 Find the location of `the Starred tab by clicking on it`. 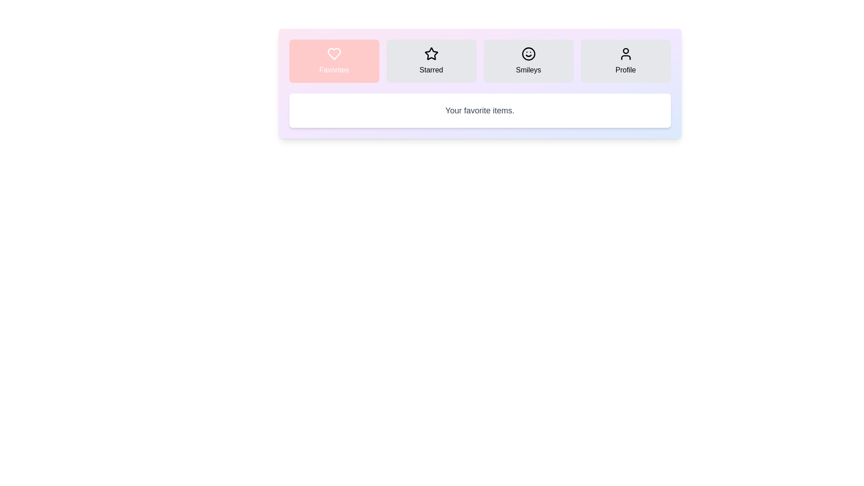

the Starred tab by clicking on it is located at coordinates (431, 61).